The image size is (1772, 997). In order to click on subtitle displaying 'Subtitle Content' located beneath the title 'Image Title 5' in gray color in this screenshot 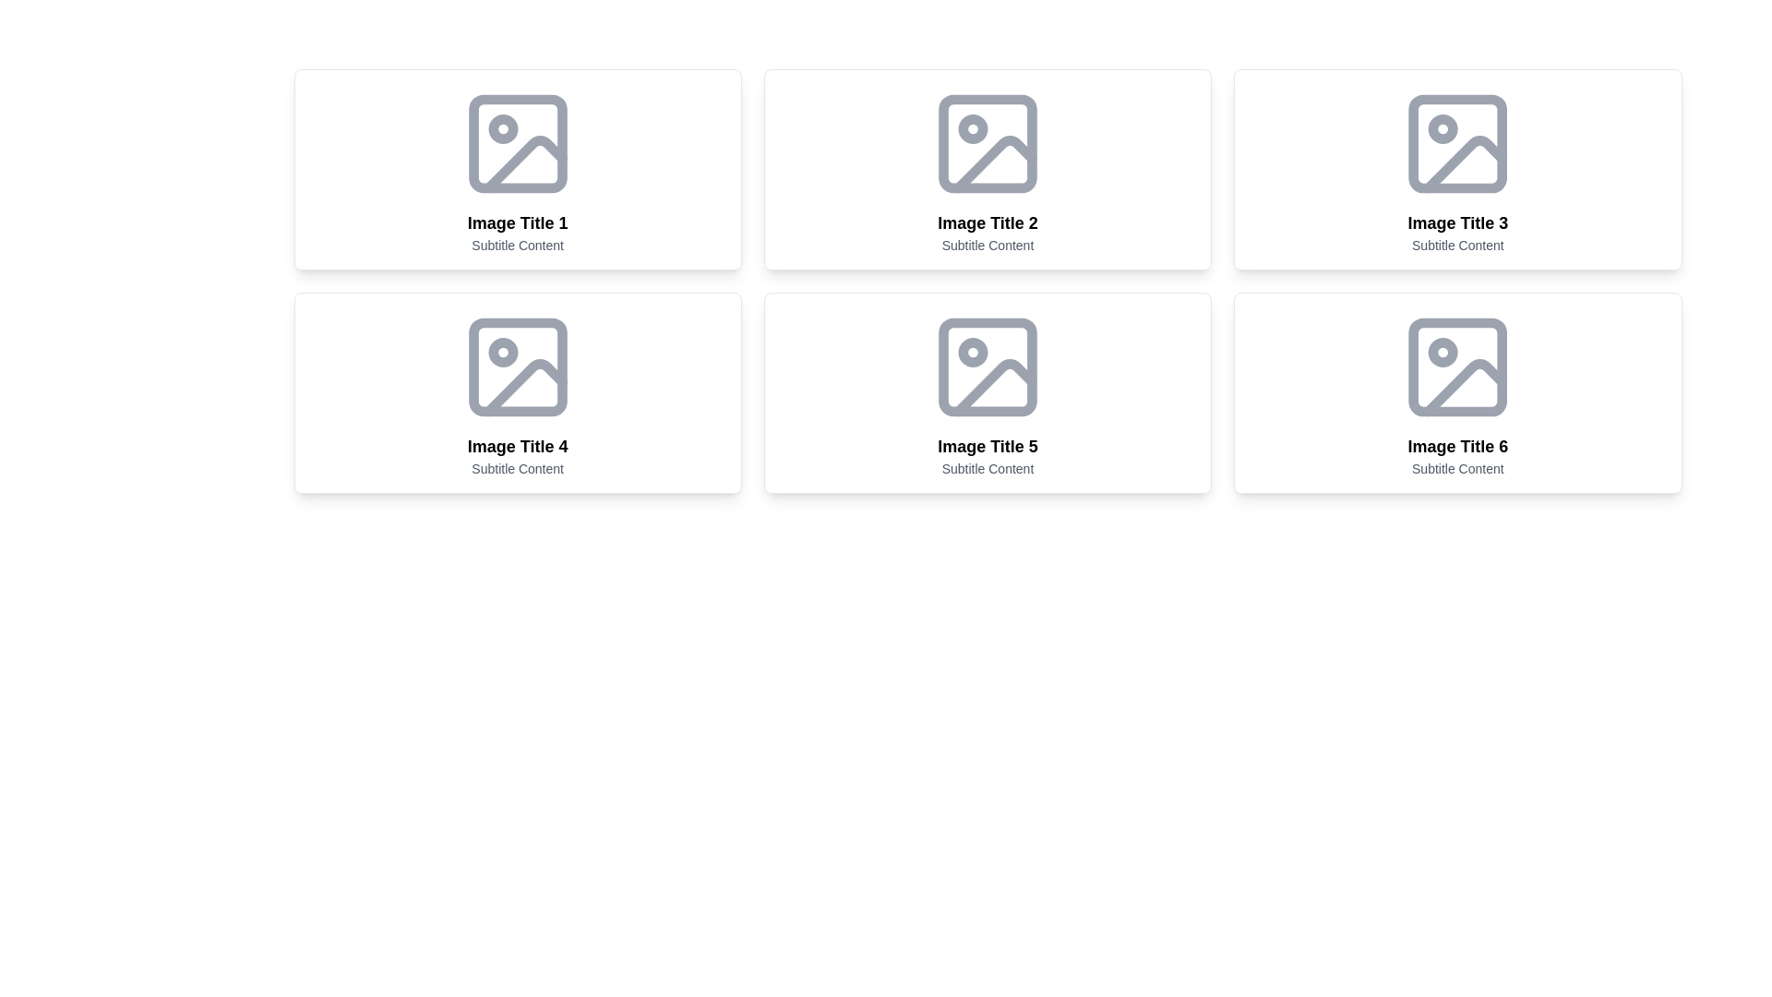, I will do `click(987, 468)`.